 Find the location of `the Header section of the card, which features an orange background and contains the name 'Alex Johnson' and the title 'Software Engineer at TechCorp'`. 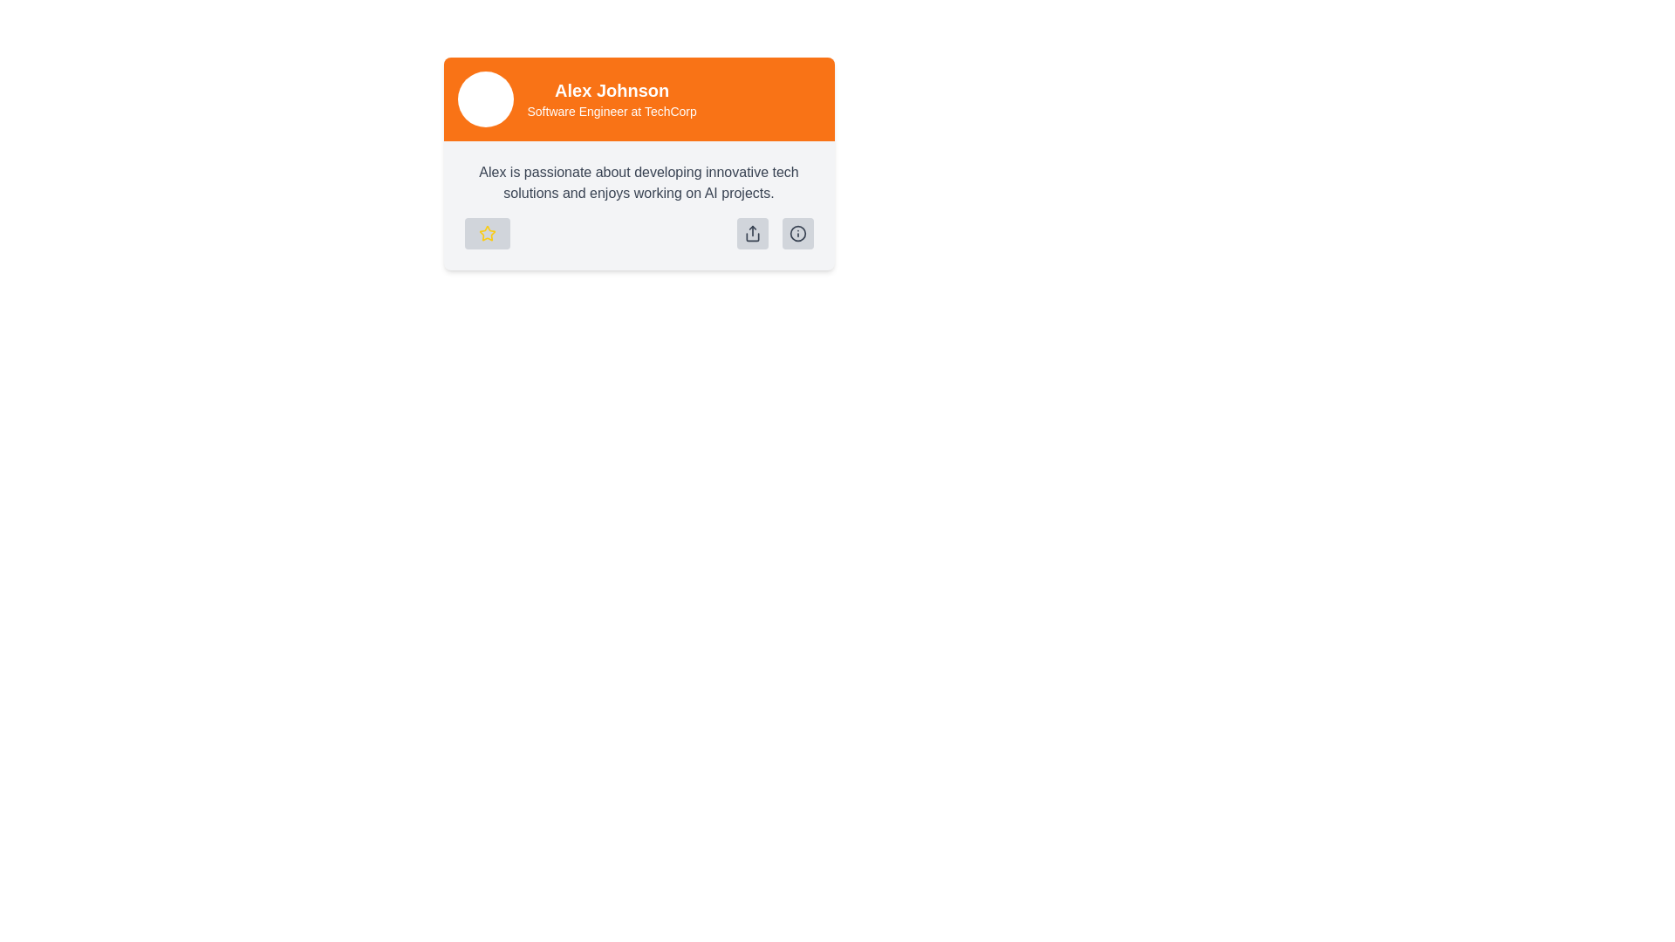

the Header section of the card, which features an orange background and contains the name 'Alex Johnson' and the title 'Software Engineer at TechCorp' is located at coordinates (638, 99).